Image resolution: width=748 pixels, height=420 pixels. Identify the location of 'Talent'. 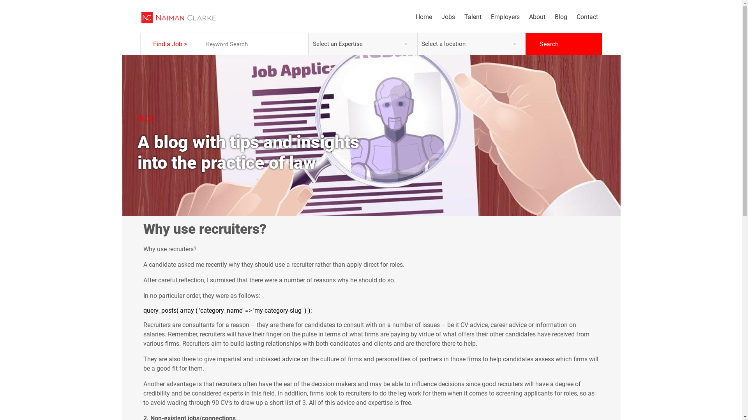
(467, 17).